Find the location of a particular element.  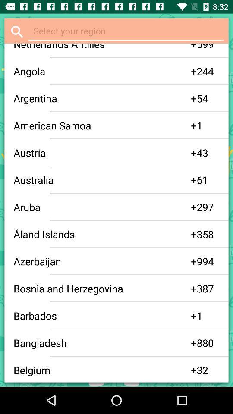

the app to the left of the + item is located at coordinates (102, 315).